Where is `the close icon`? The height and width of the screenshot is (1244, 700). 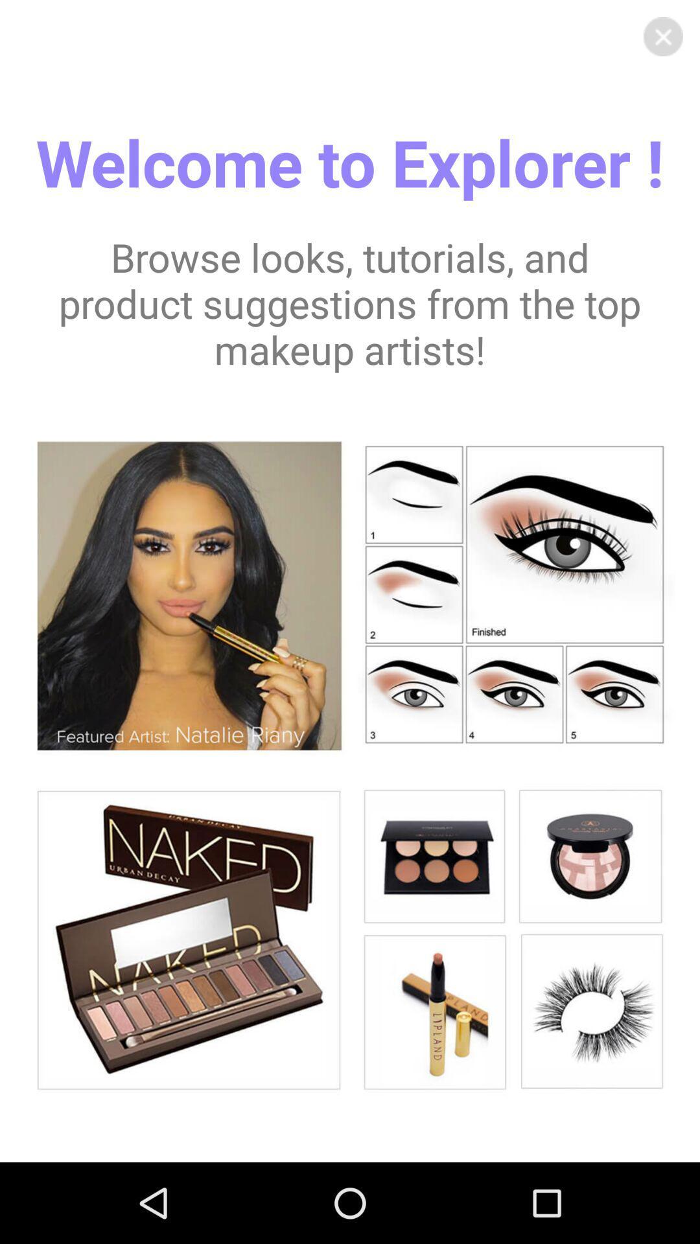 the close icon is located at coordinates (663, 39).